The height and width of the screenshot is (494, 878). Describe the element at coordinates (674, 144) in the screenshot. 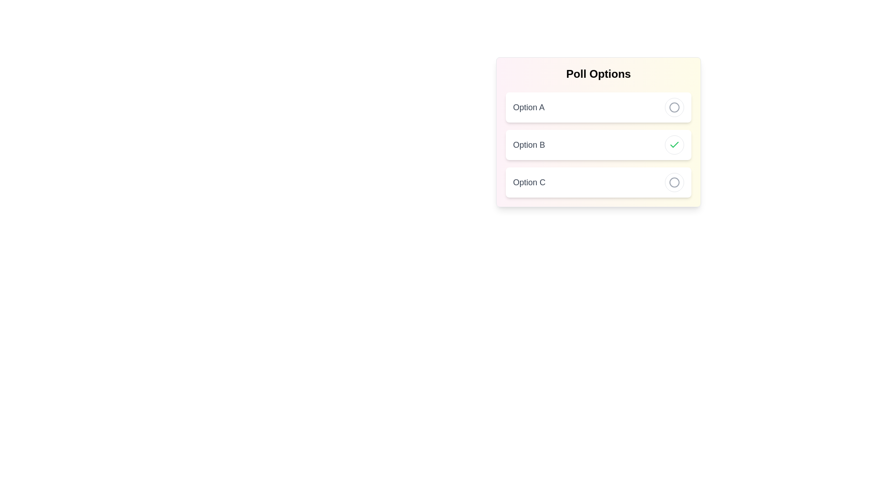

I see `the toggle button of Option B to toggle its selection` at that location.